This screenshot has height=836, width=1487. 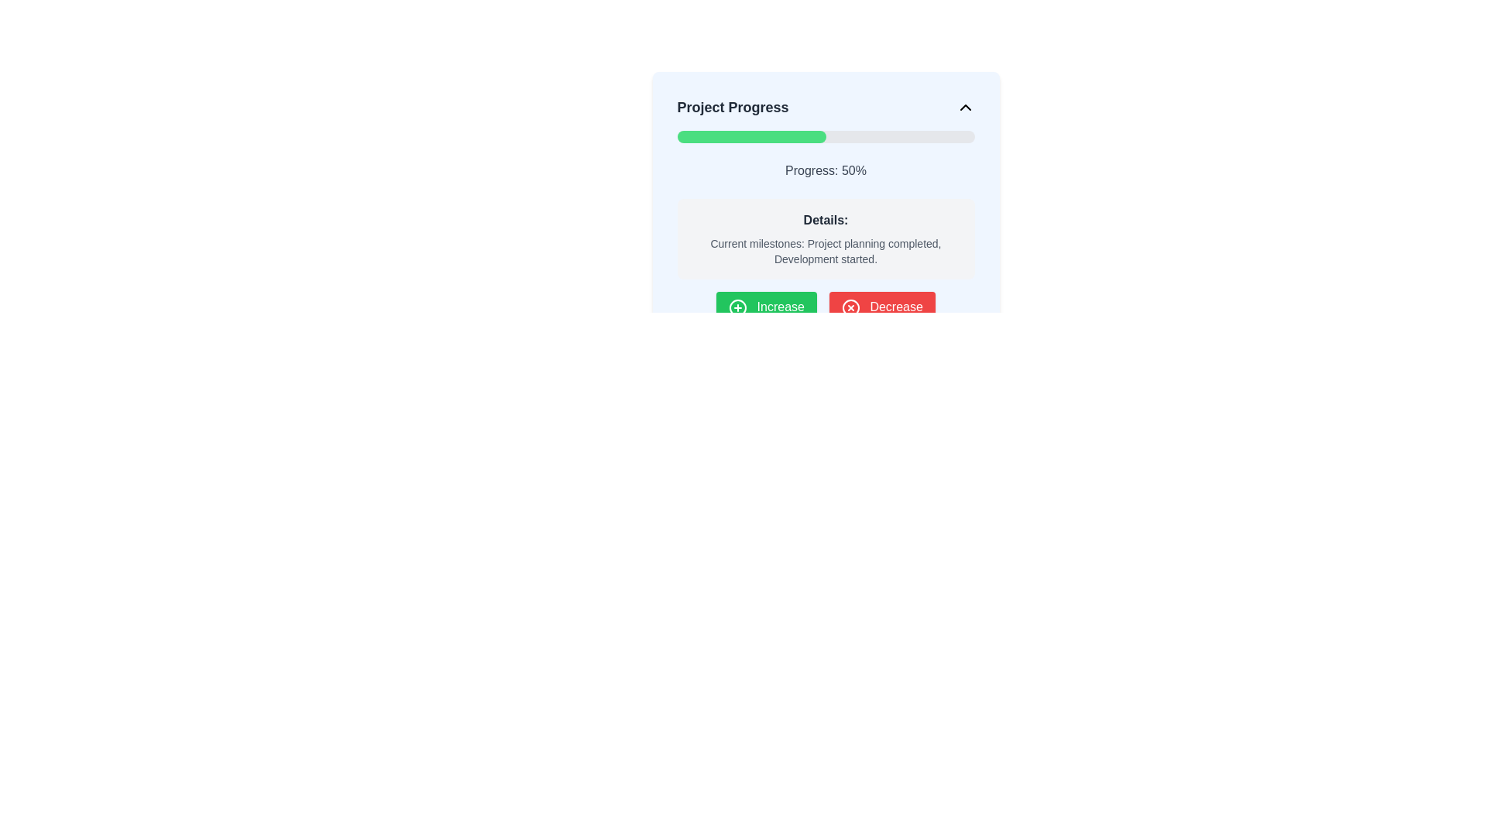 I want to click on the upwards-pointing chevron icon with a black outline located at the top-right corner of the 'Project Progress' section to interact with the section, so click(x=964, y=106).